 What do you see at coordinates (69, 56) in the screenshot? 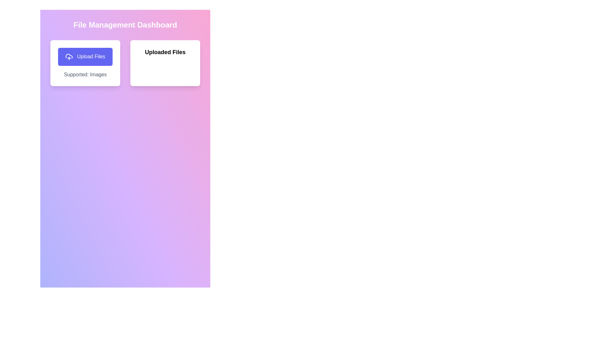
I see `the decorative icon fragment that is part of the 'Upload Files' button, located on the left side of the interface, symbolizing the upload feature` at bounding box center [69, 56].